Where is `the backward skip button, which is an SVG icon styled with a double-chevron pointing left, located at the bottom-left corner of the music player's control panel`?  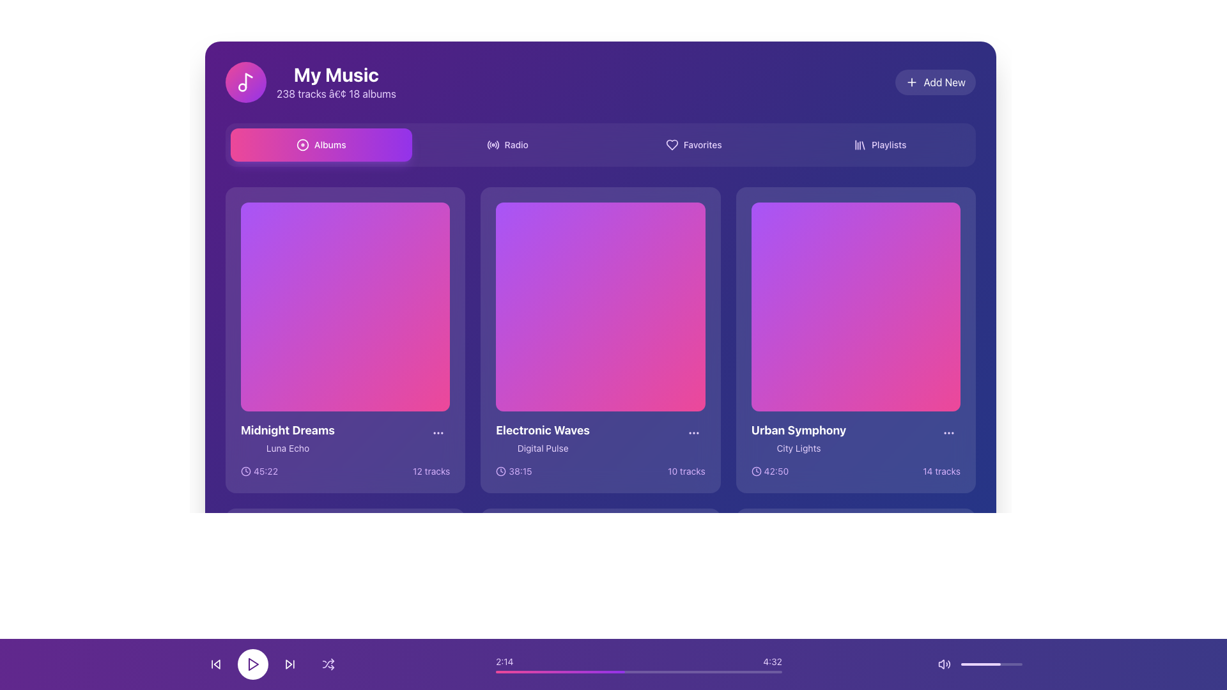
the backward skip button, which is an SVG icon styled with a double-chevron pointing left, located at the bottom-left corner of the music player's control panel is located at coordinates (215, 664).